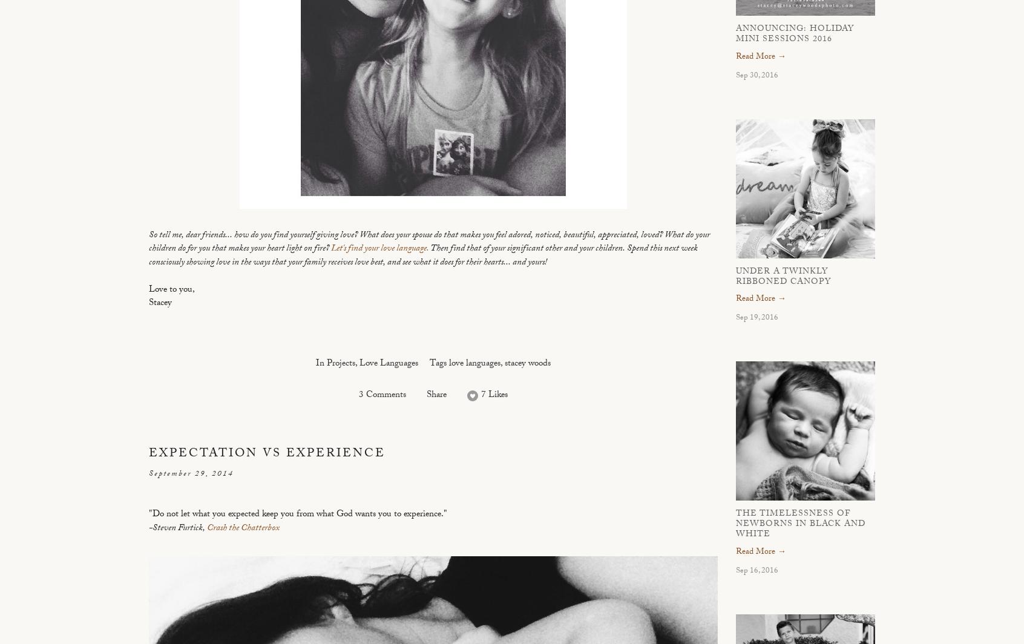 The width and height of the screenshot is (1024, 644). Describe the element at coordinates (149, 454) in the screenshot. I see `'Expectation vs Experience'` at that location.